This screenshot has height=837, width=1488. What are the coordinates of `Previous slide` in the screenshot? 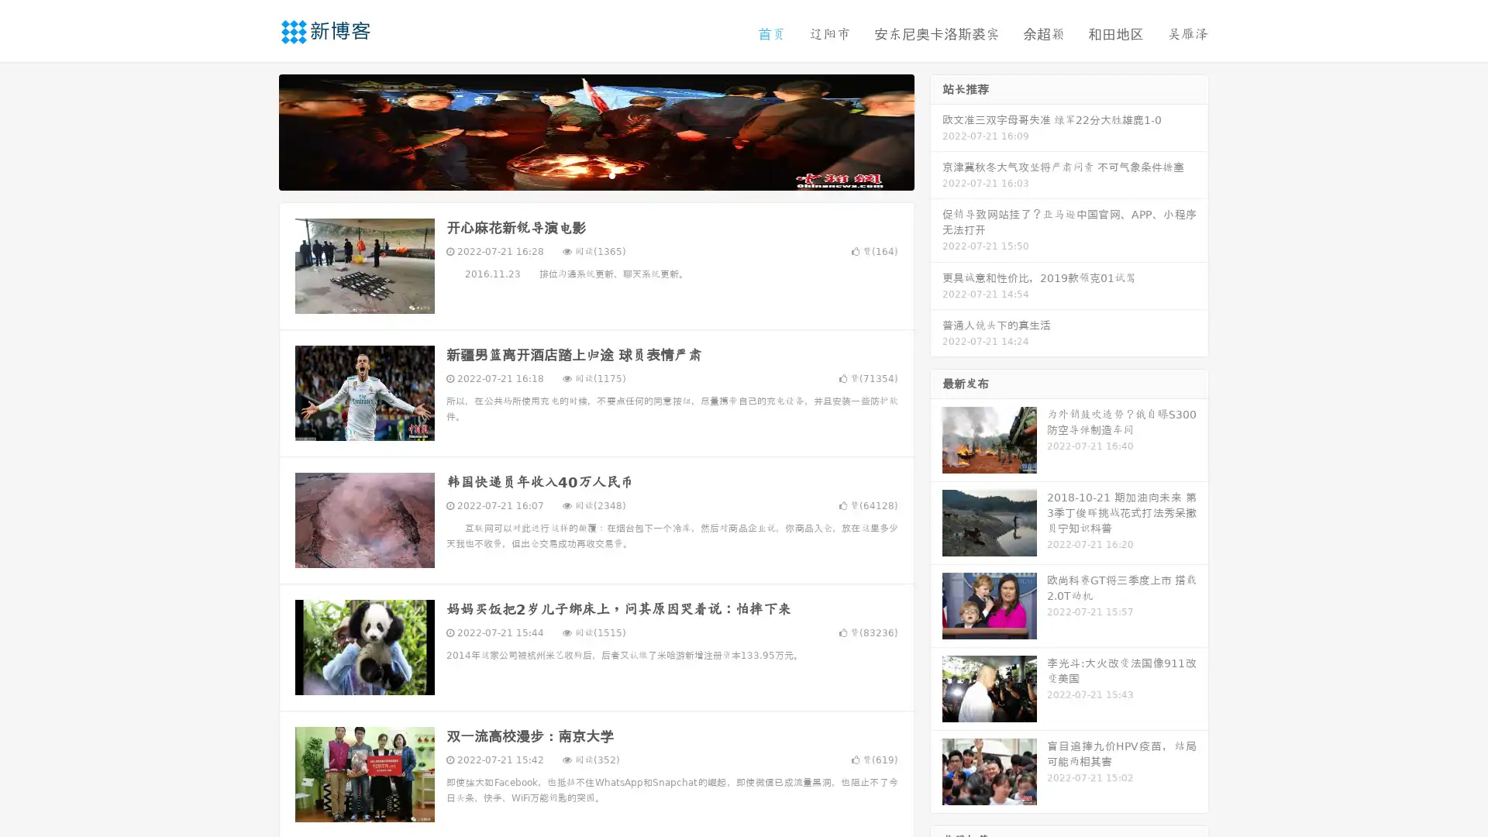 It's located at (256, 130).